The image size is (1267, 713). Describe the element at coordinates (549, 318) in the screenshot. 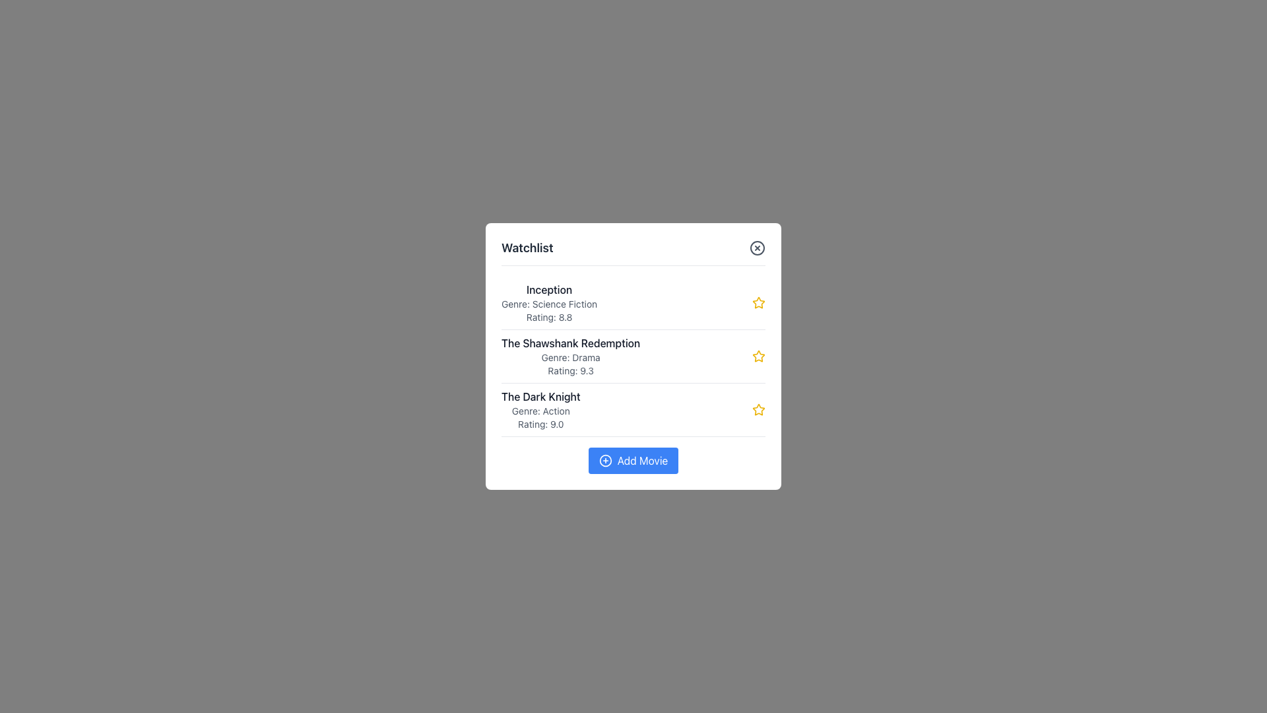

I see `the text label displaying 'Rating: 8.8' located below 'Genre: Science Fiction' in the Watchlist popup for the movie 'Inception'` at that location.